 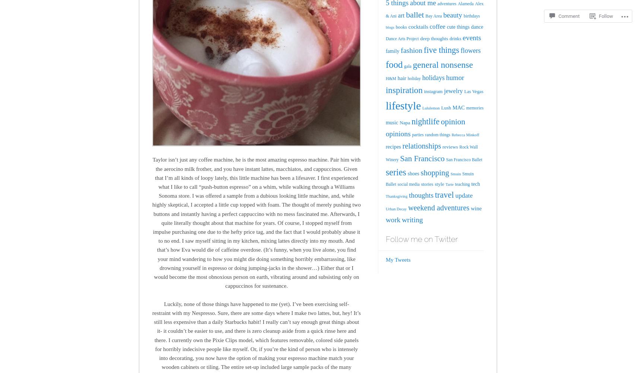 I want to click on 'My Tweets', so click(x=398, y=259).